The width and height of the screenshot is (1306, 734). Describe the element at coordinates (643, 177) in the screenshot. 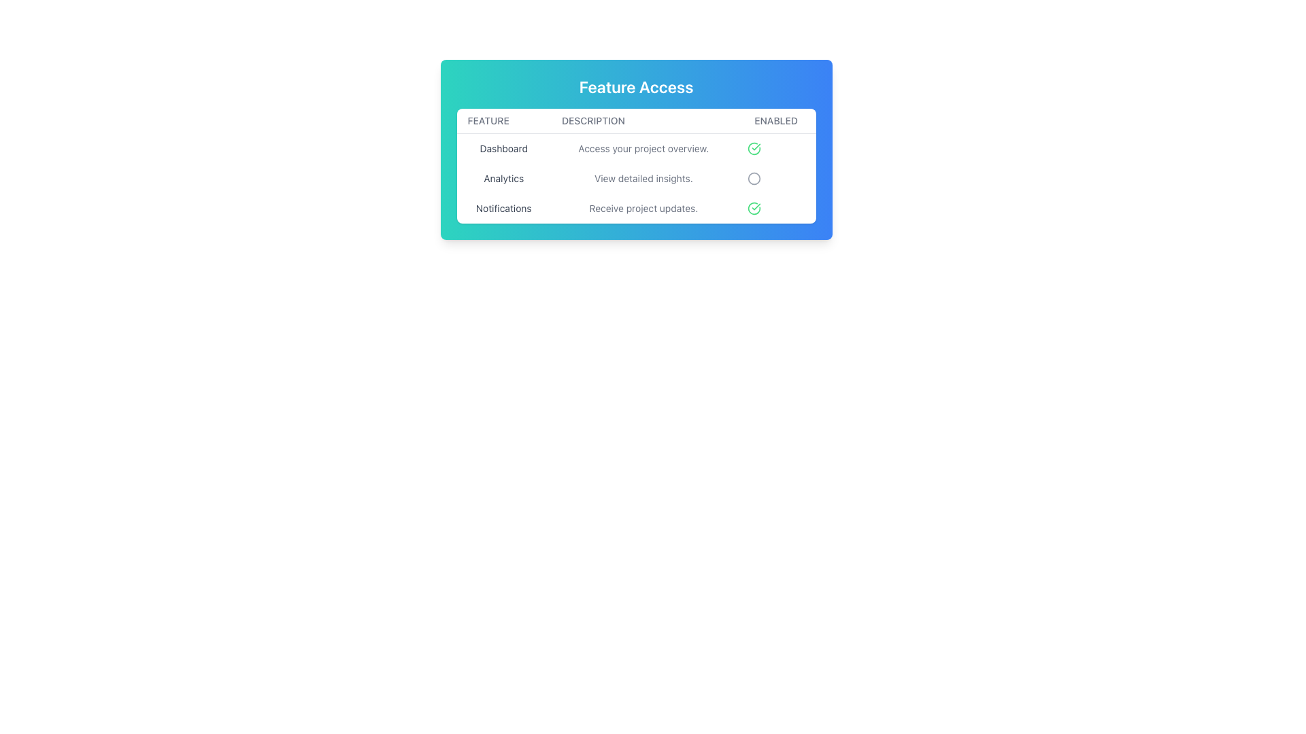

I see `the informational text label adjacent to the 'Analytics' feature` at that location.